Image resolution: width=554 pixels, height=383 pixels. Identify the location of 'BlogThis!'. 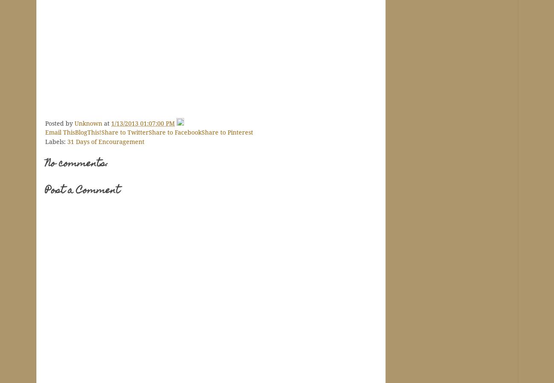
(88, 132).